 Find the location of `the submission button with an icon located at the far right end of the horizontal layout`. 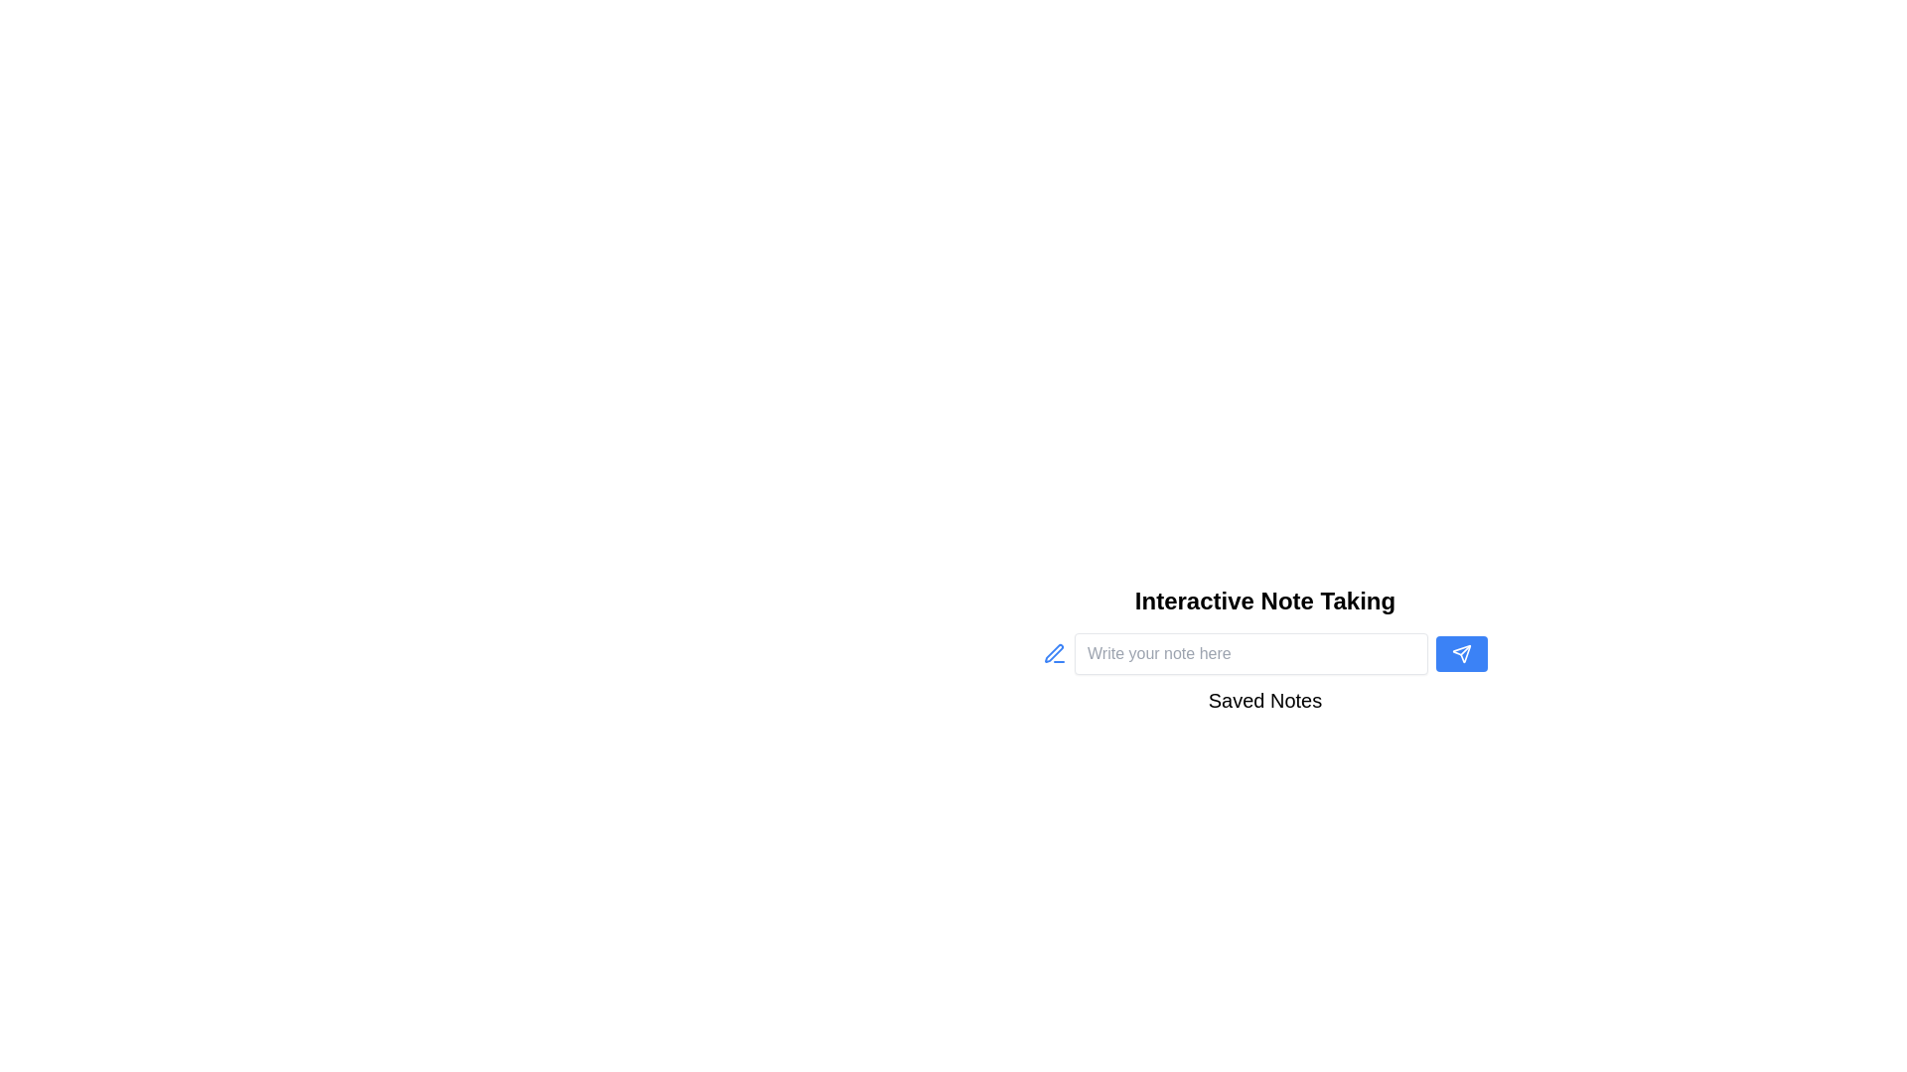

the submission button with an icon located at the far right end of the horizontal layout is located at coordinates (1462, 654).